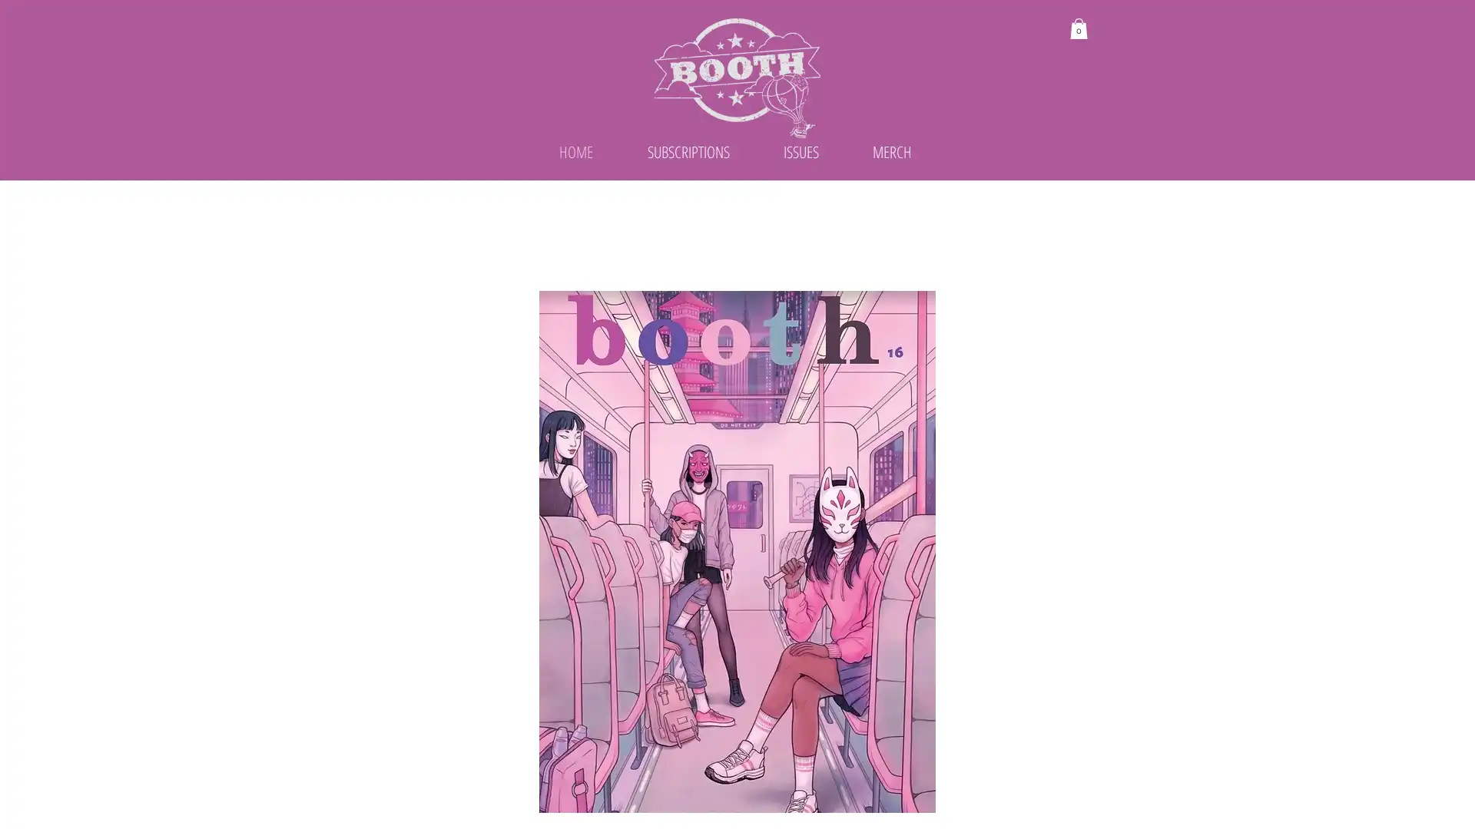  What do you see at coordinates (1078, 28) in the screenshot?
I see `Cart with 0 items` at bounding box center [1078, 28].